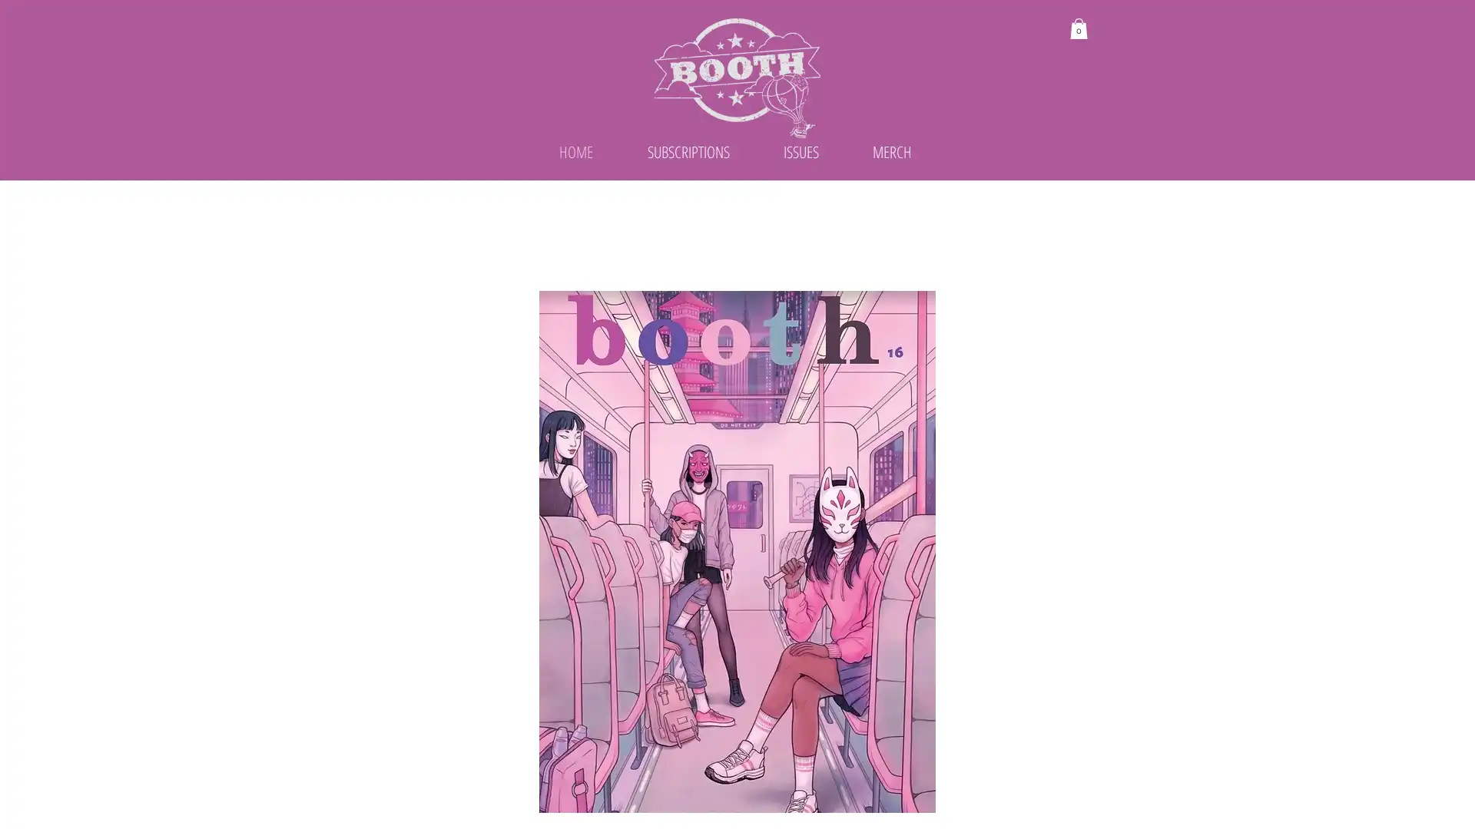  What do you see at coordinates (1078, 28) in the screenshot?
I see `Cart with 0 items` at bounding box center [1078, 28].